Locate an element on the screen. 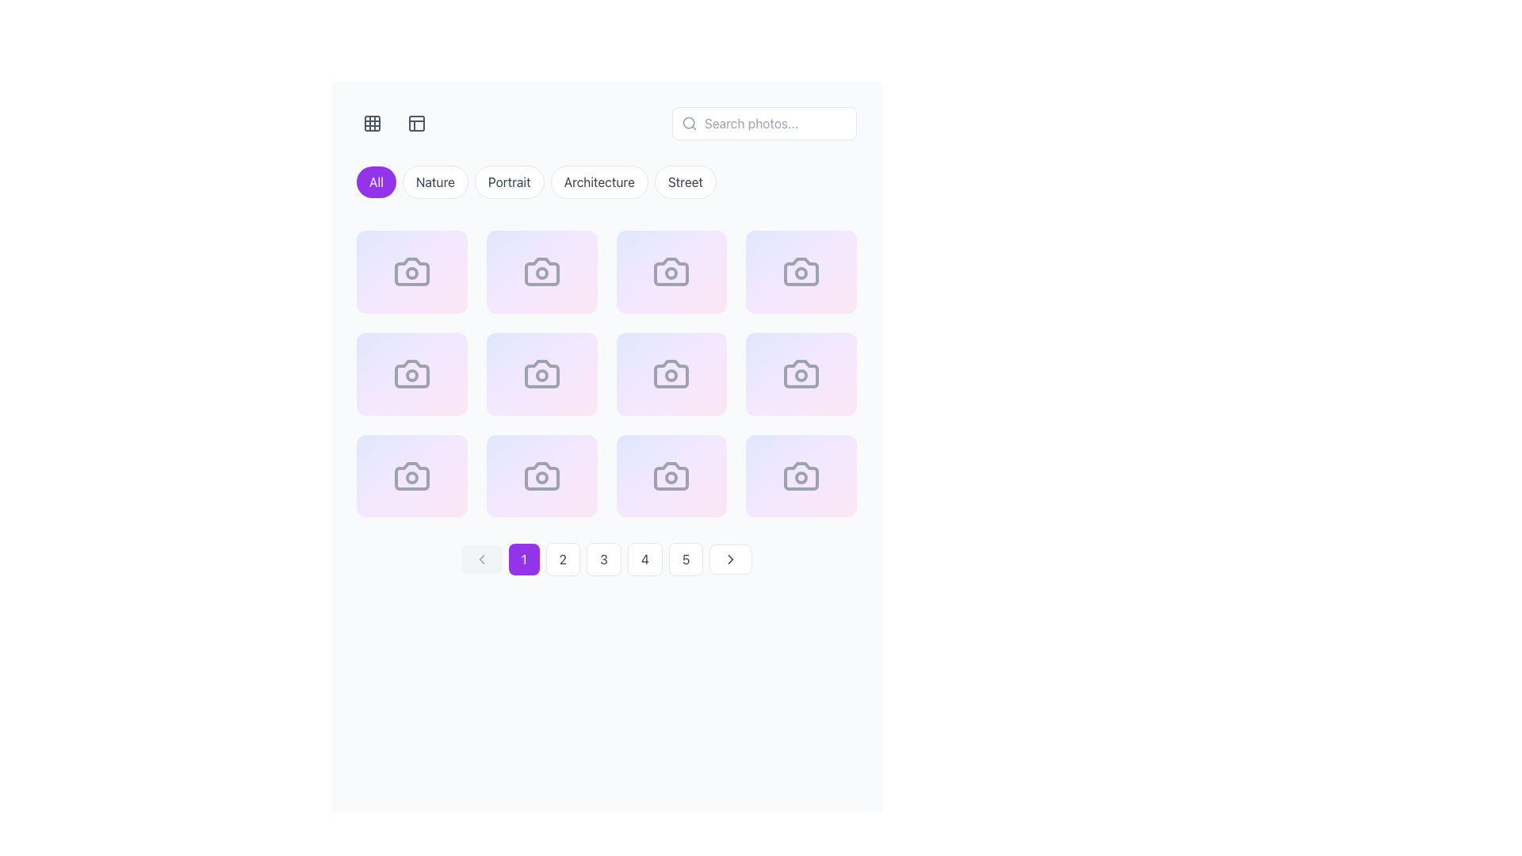 This screenshot has height=856, width=1522. the share functionality button located in the top-right quadrant of an image tile by clicking on the SVG icon within the button is located at coordinates (679, 287).